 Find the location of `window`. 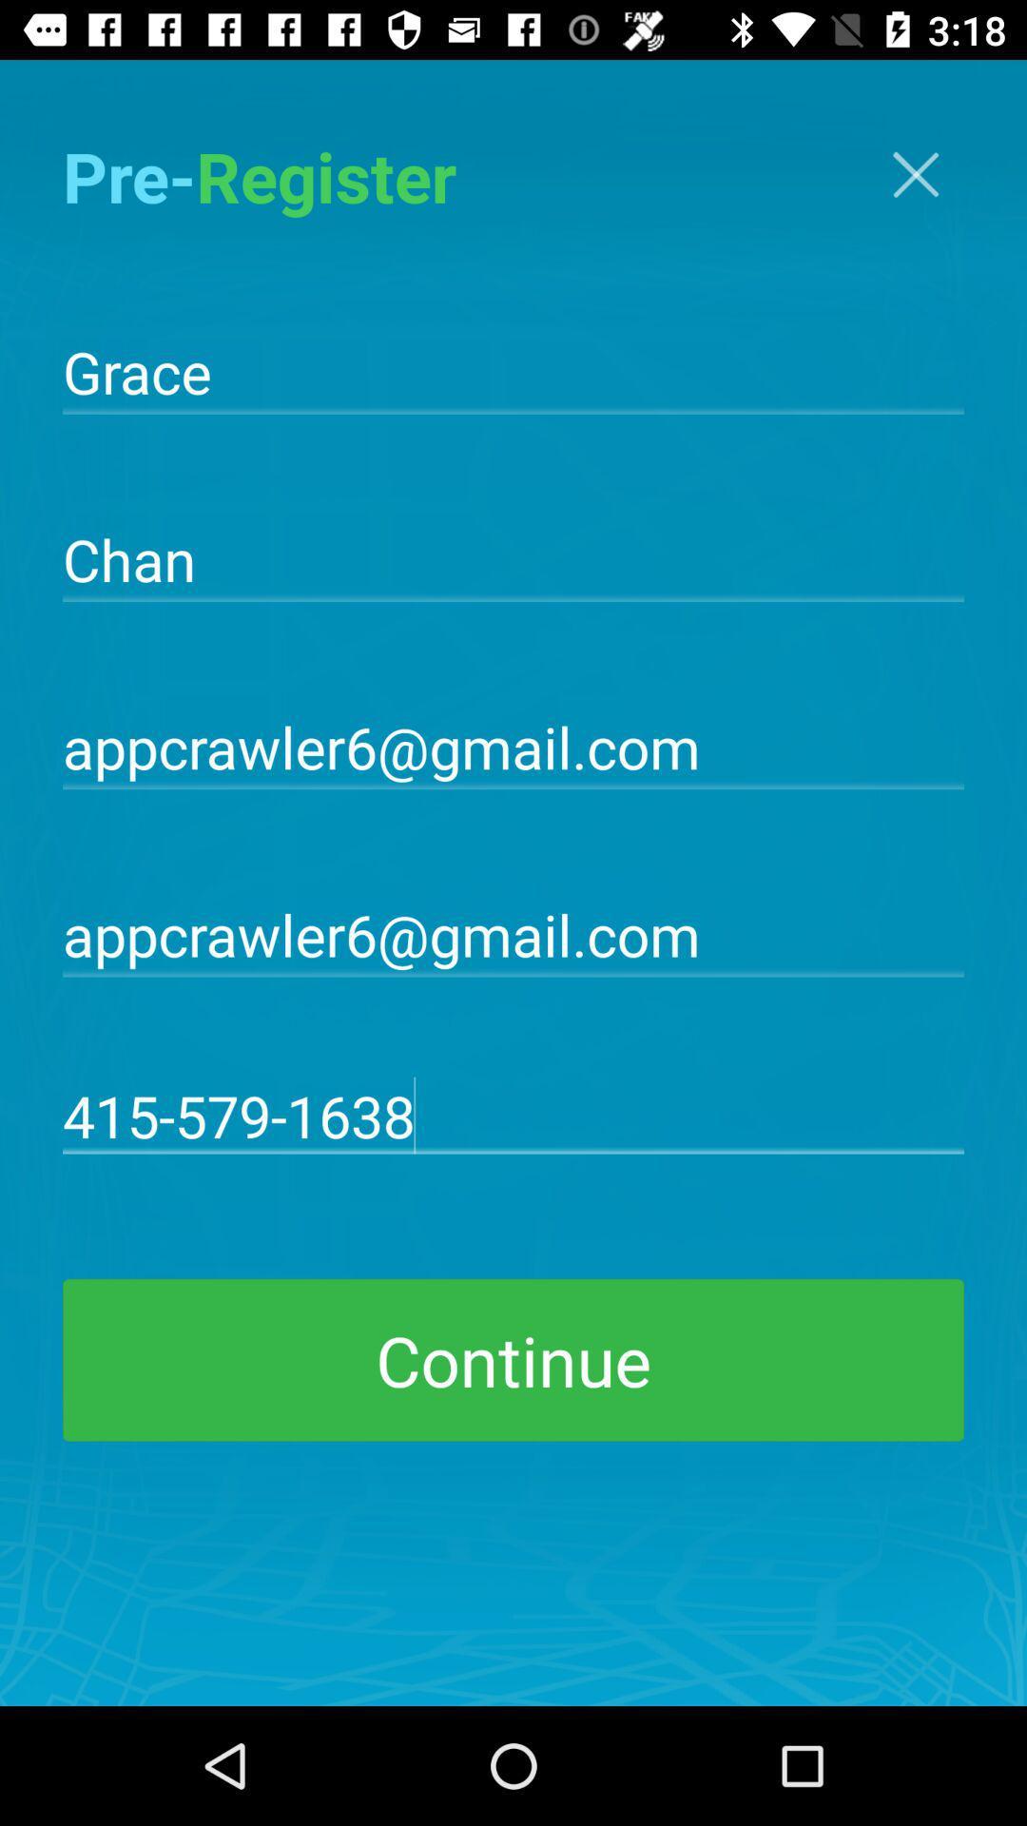

window is located at coordinates (915, 174).